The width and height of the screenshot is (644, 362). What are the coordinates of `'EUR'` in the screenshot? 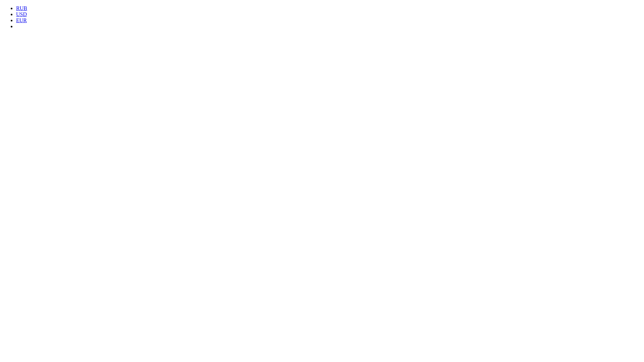 It's located at (16, 20).